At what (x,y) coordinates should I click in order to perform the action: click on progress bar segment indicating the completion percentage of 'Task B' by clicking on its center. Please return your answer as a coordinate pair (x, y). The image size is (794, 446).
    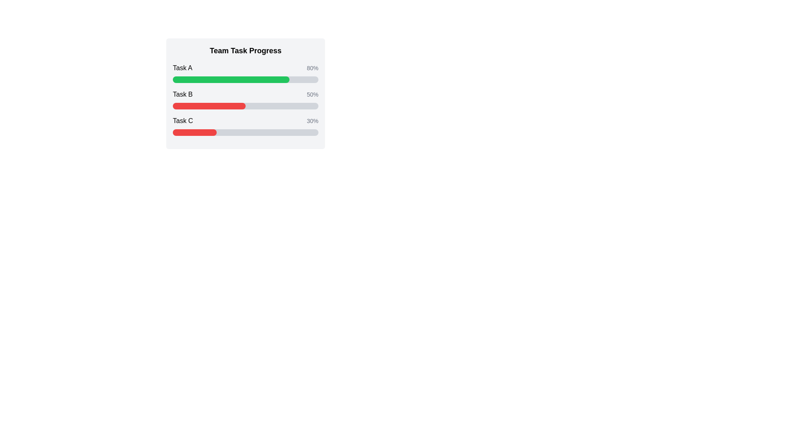
    Looking at the image, I should click on (209, 106).